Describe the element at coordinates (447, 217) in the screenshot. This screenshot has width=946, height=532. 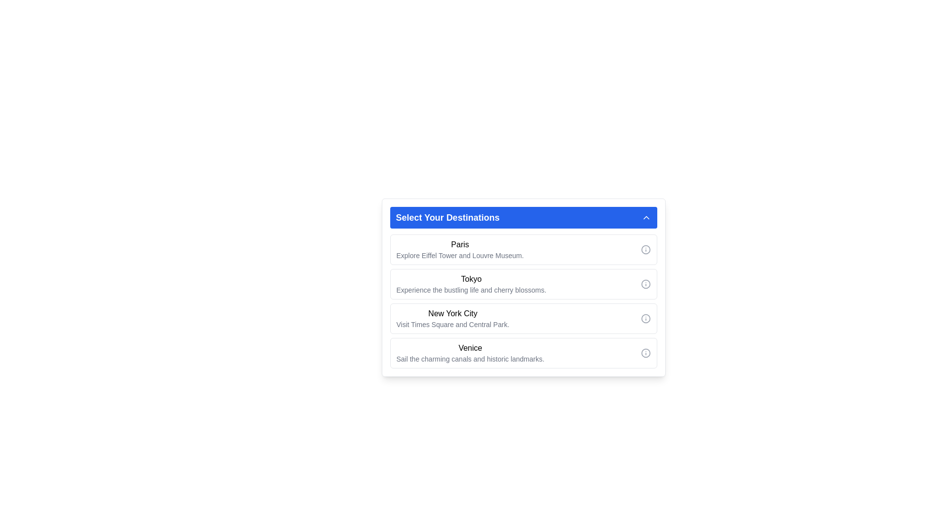
I see `the text label saying 'Select Your Destinations' which is styled in bold font and larger size, centered within a blue rectangle` at that location.